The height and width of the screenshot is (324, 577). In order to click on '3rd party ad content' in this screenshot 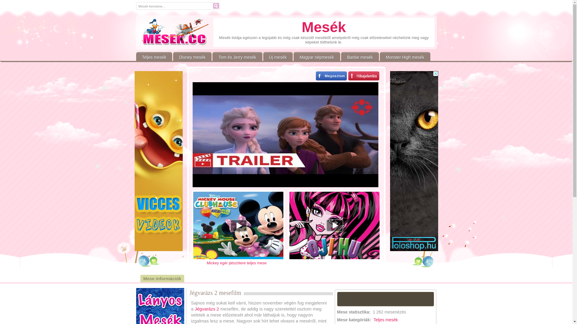, I will do `click(390, 160)`.